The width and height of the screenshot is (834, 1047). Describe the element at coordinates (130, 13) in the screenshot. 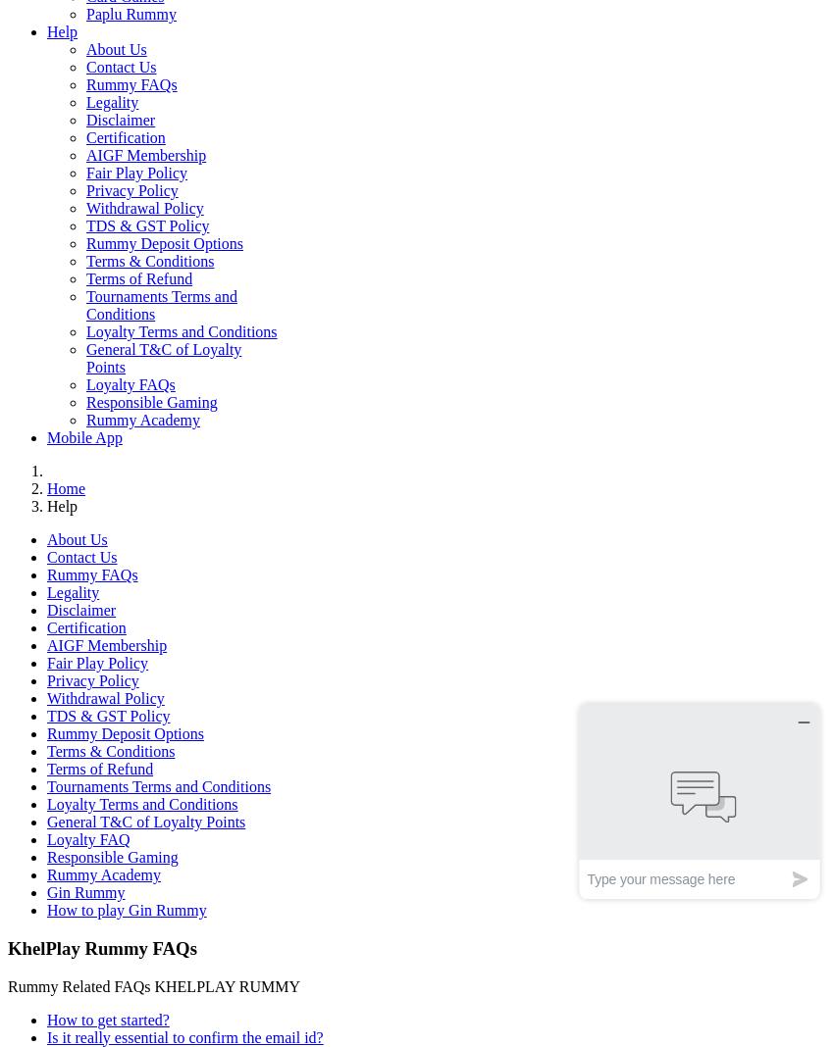

I see `'Paplu Rummy'` at that location.